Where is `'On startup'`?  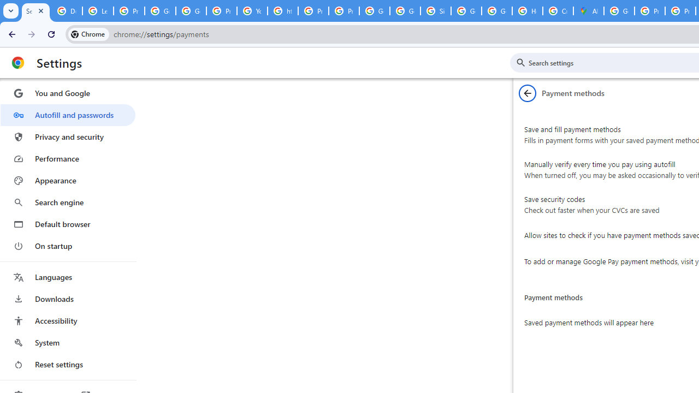 'On startup' is located at coordinates (67, 246).